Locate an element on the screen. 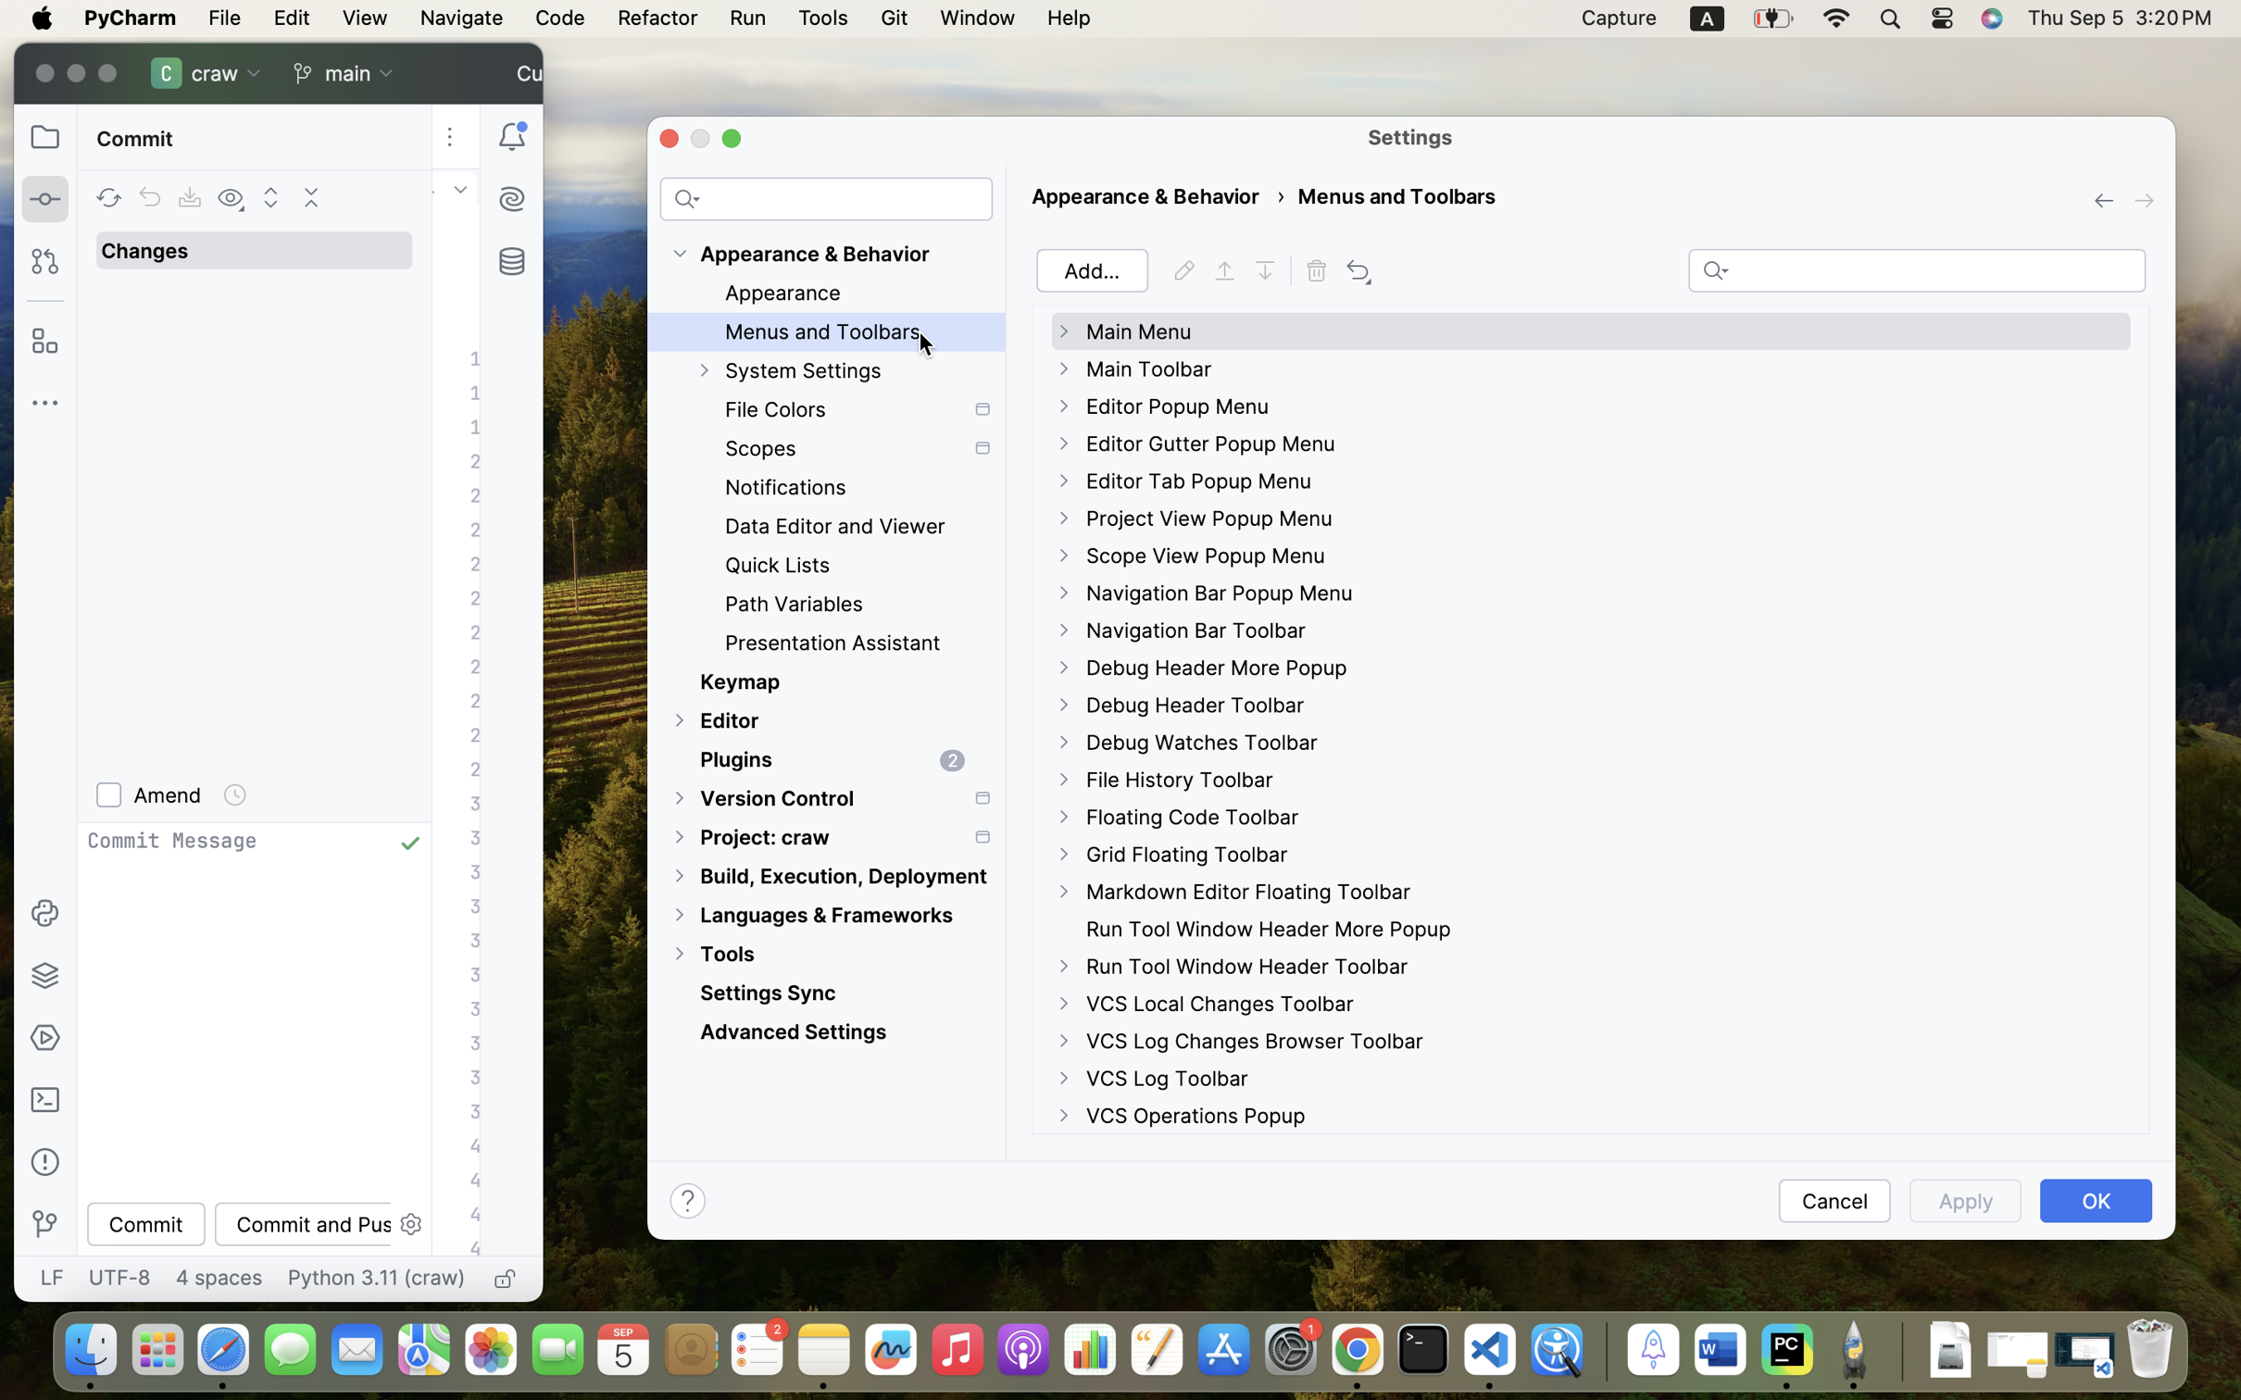  'Settings' is located at coordinates (1410, 137).